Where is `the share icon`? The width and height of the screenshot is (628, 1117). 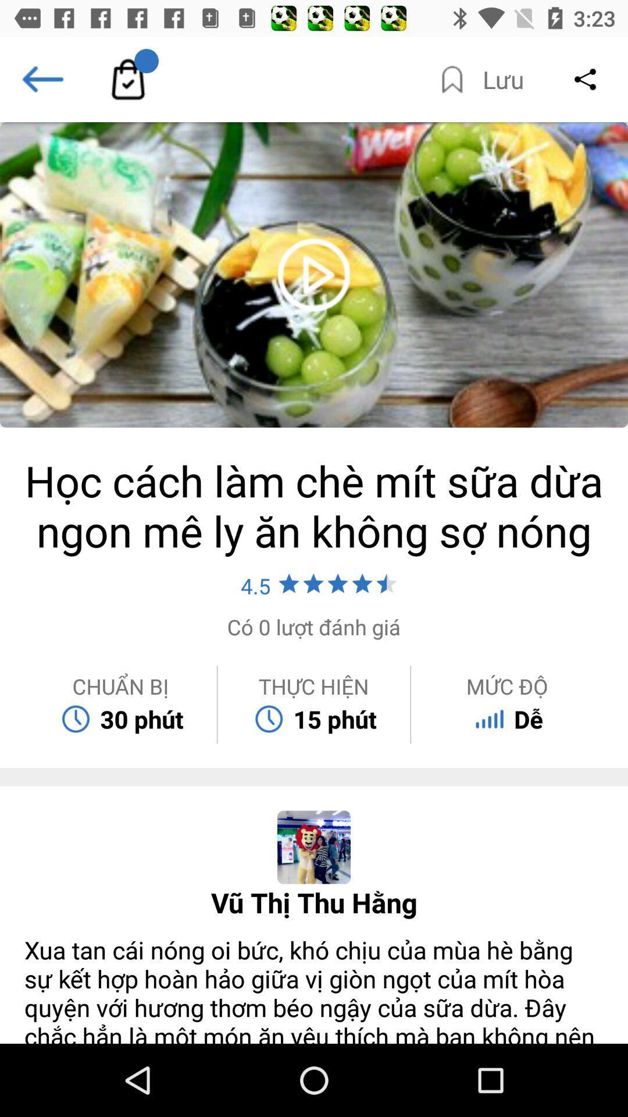
the share icon is located at coordinates (585, 79).